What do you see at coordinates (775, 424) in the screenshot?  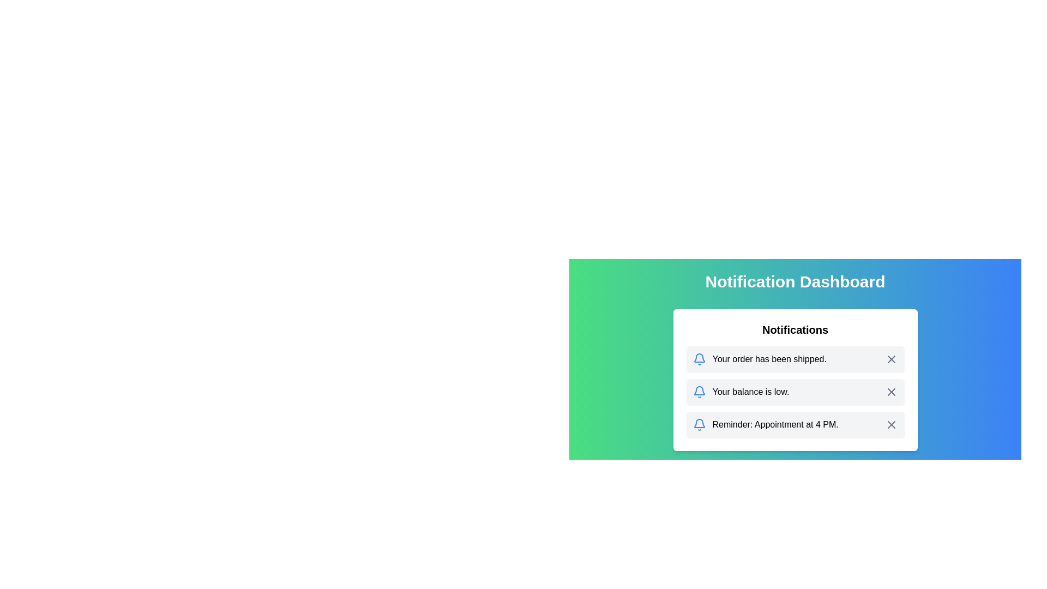 I see `the text label displaying 'Reminder: Appointment at 4 PM.'` at bounding box center [775, 424].